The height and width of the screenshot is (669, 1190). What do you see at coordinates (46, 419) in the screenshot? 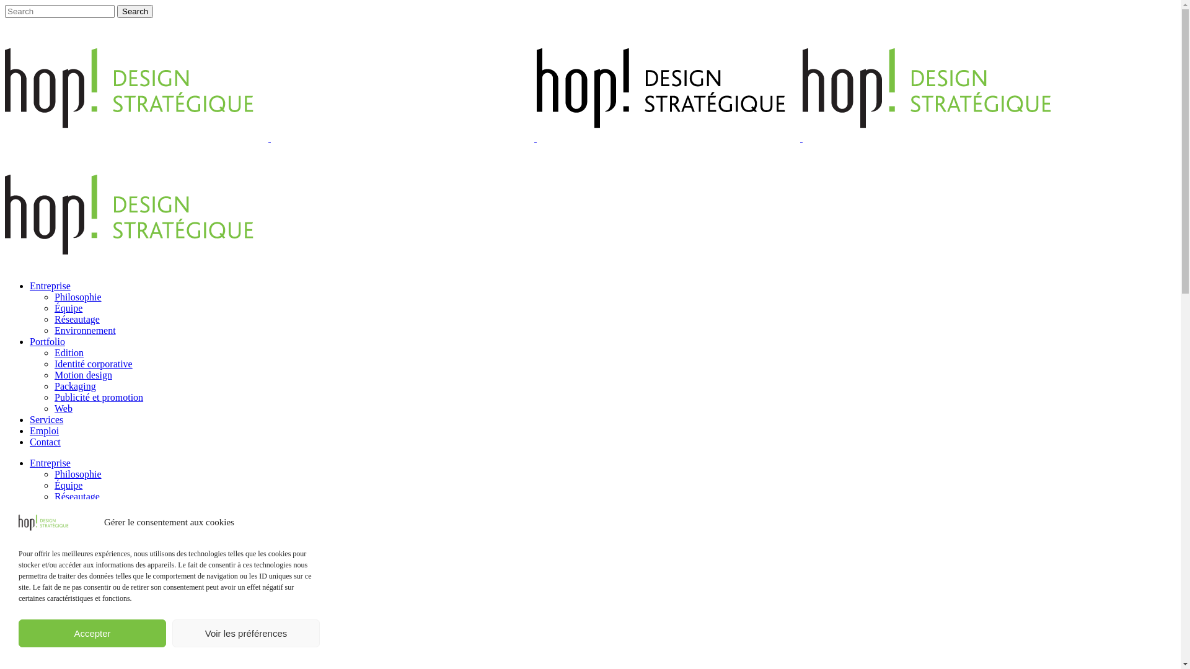
I see `'Services'` at bounding box center [46, 419].